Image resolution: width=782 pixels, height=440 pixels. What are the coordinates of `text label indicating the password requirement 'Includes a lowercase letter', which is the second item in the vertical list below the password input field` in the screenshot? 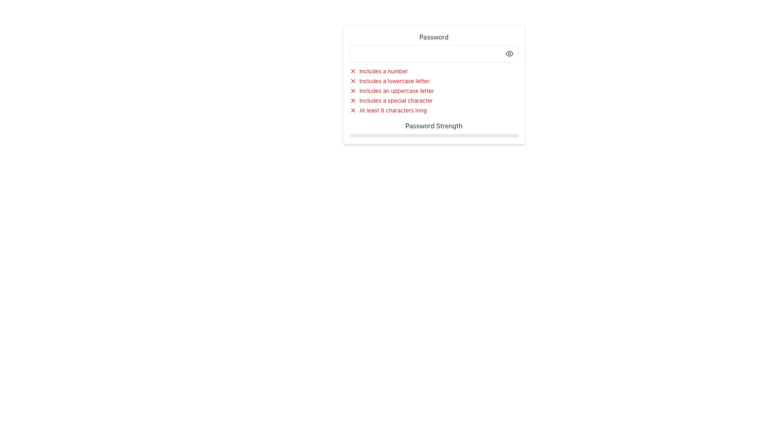 It's located at (394, 81).